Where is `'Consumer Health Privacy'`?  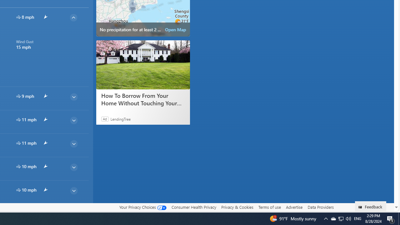
'Consumer Health Privacy' is located at coordinates (193, 207).